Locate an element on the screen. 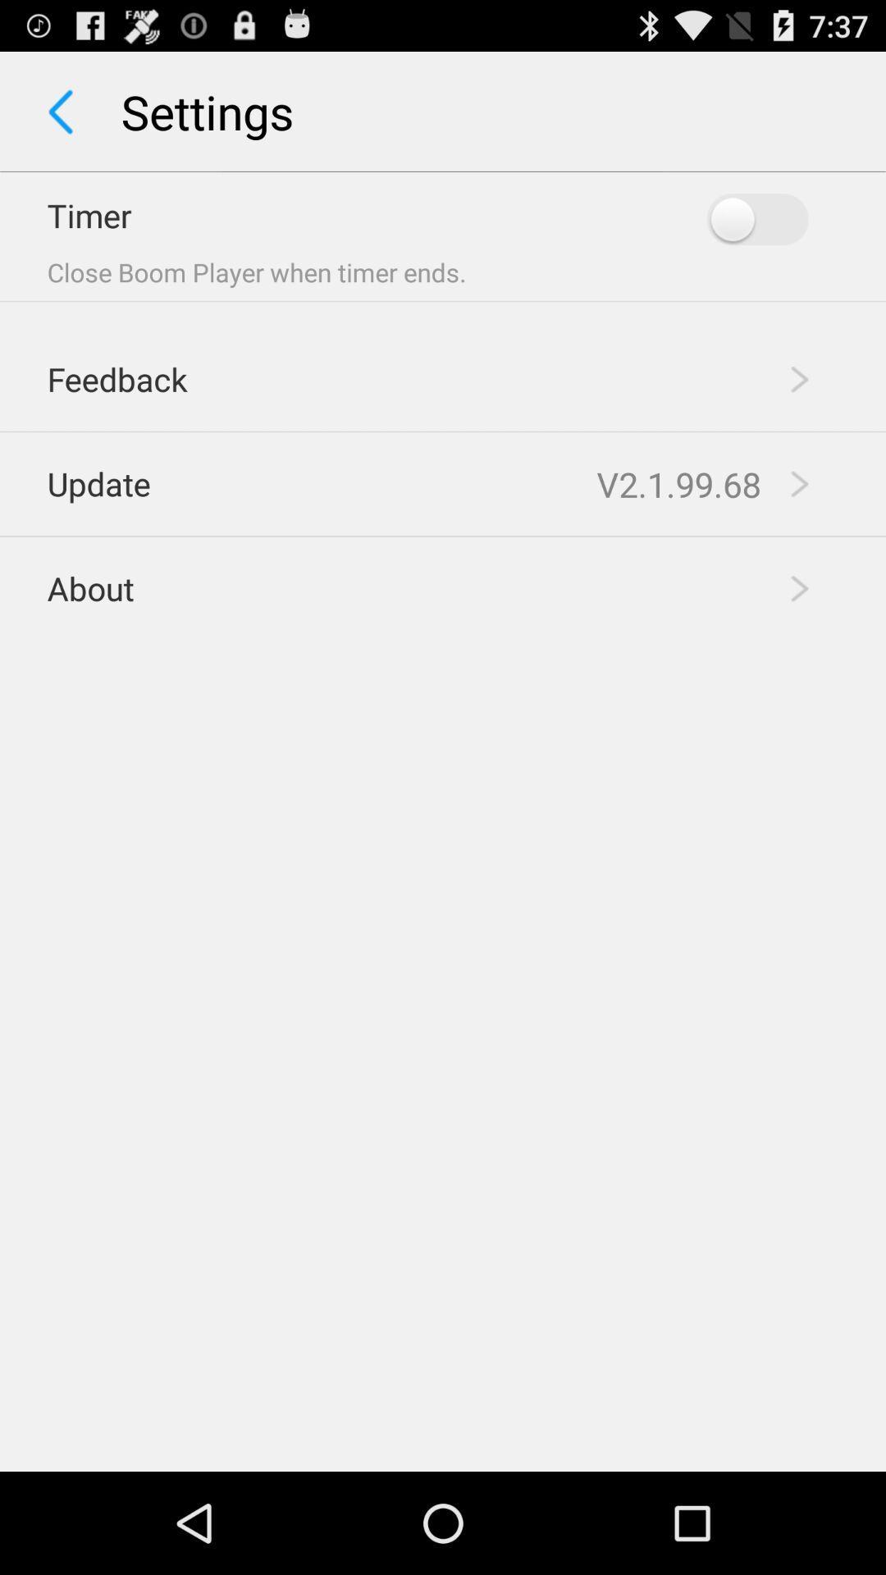 This screenshot has height=1575, width=886. the arrow_backward icon is located at coordinates (60, 119).